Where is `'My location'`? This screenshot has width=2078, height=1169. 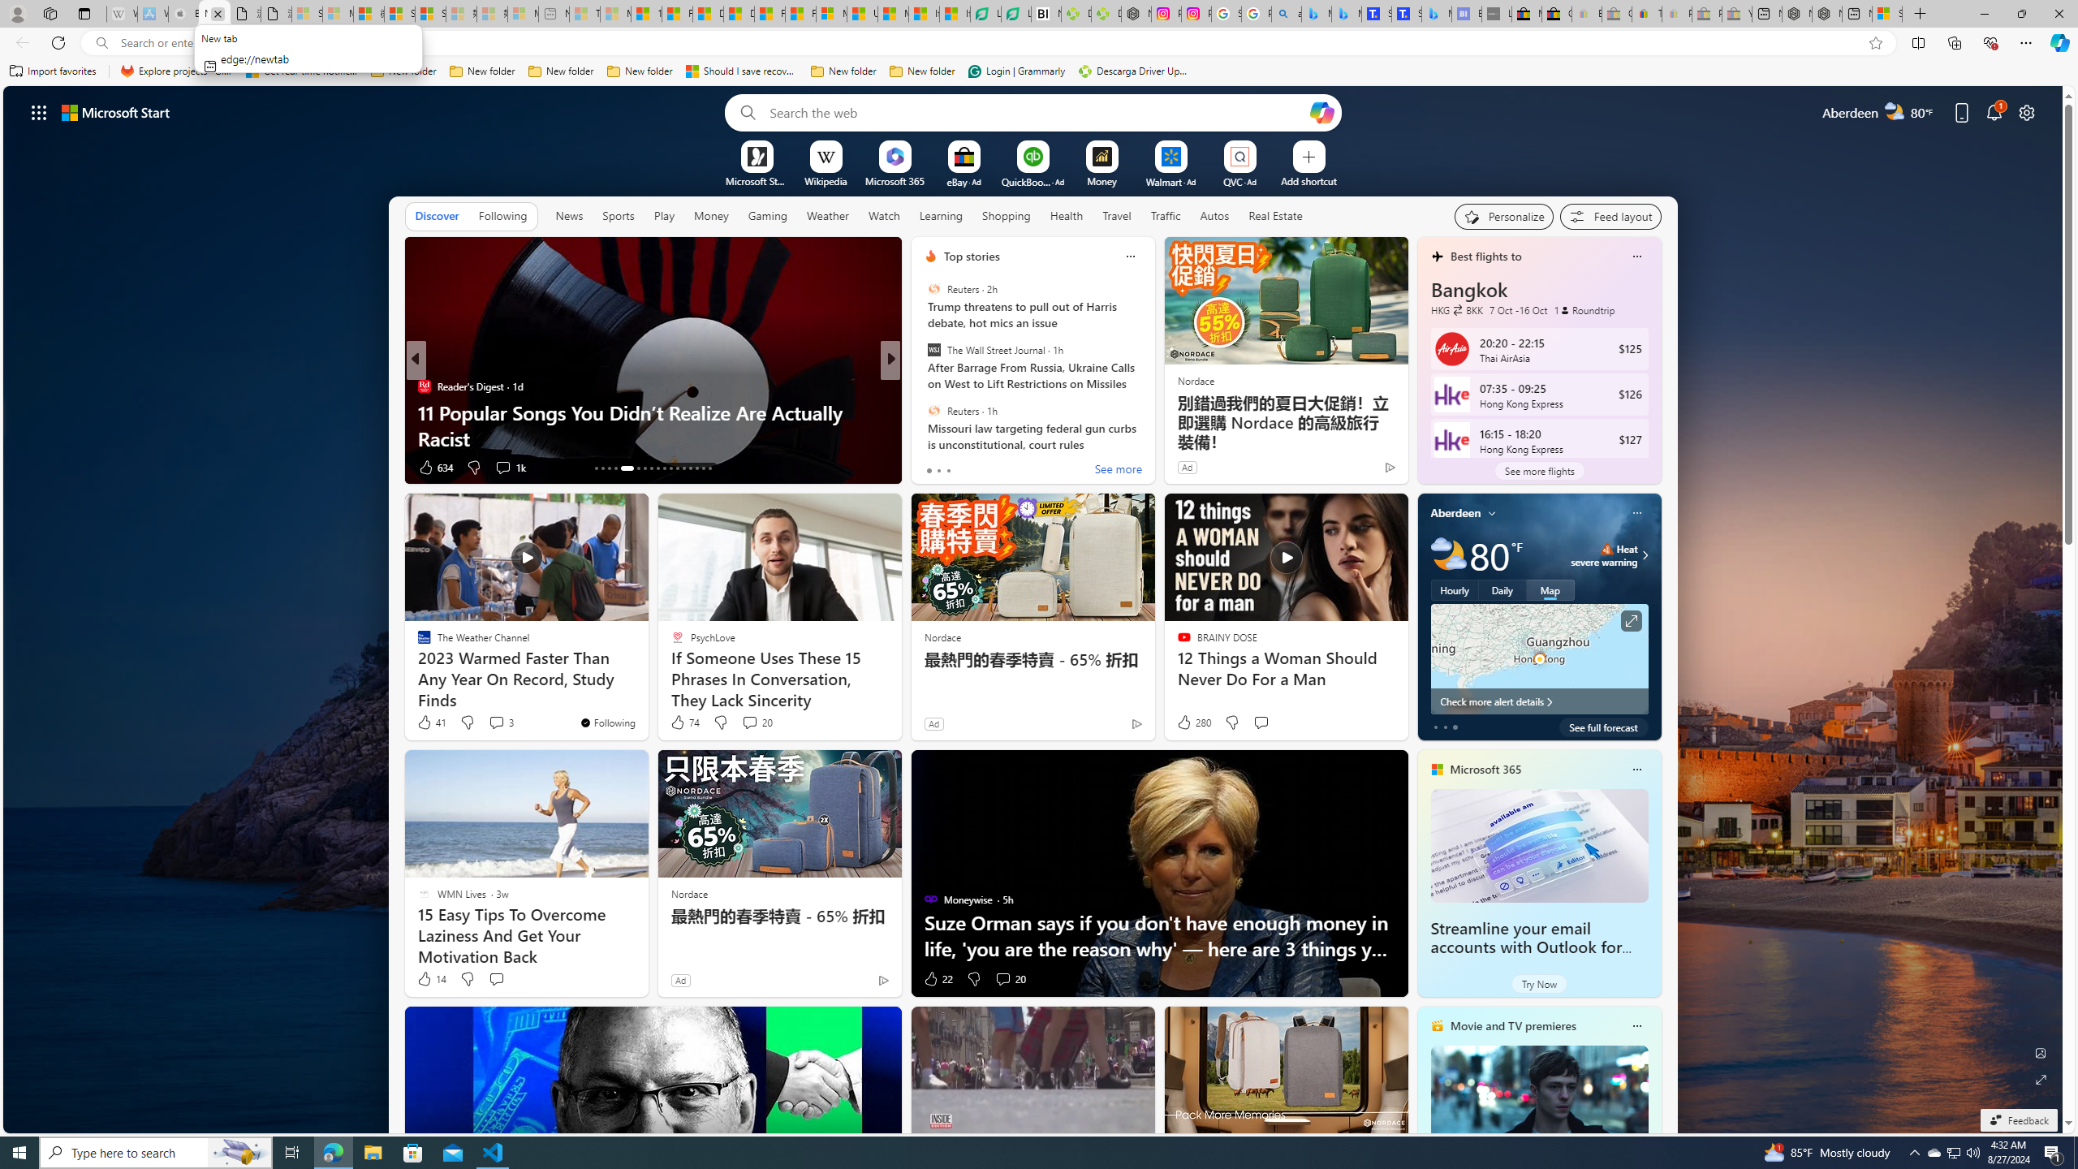 'My location' is located at coordinates (1492, 512).